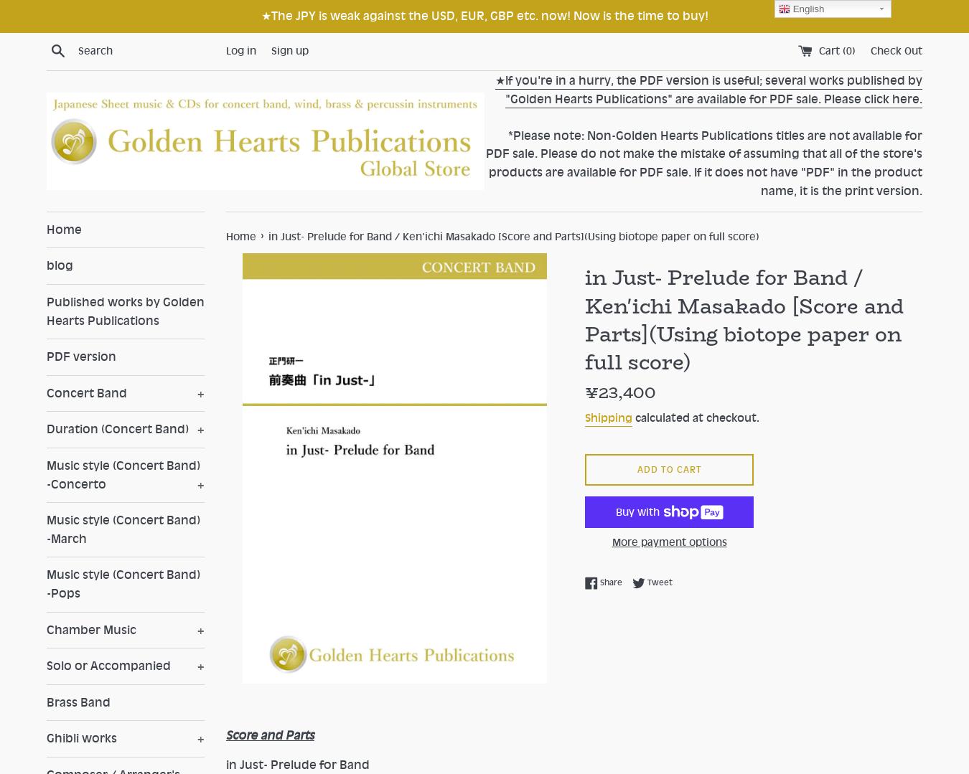  I want to click on 'Cart
          (', so click(818, 49).